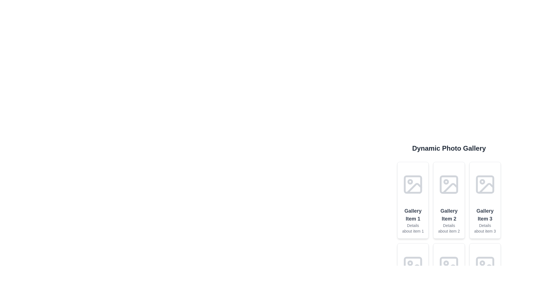 This screenshot has height=303, width=539. I want to click on the Image placeholder (SVG) located in the fourth gallery item from the left, in the second row of the dynamic photo gallery grid, so click(413, 266).